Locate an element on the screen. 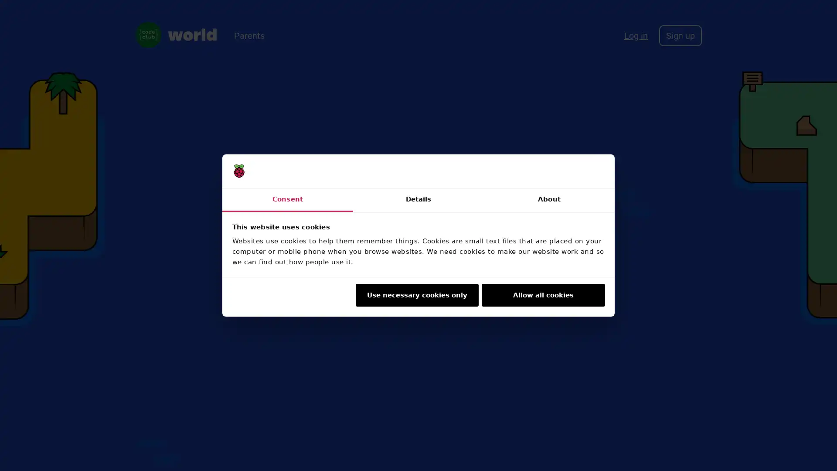  Allow all cookies is located at coordinates (543, 295).